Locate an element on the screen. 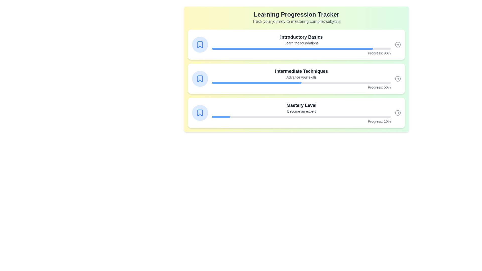  the compact right-pointing arrow enclosed within a circular outline, located in the last row of the tracker card, aligned with the 'Mastery Level' text and progress bar is located at coordinates (397, 113).